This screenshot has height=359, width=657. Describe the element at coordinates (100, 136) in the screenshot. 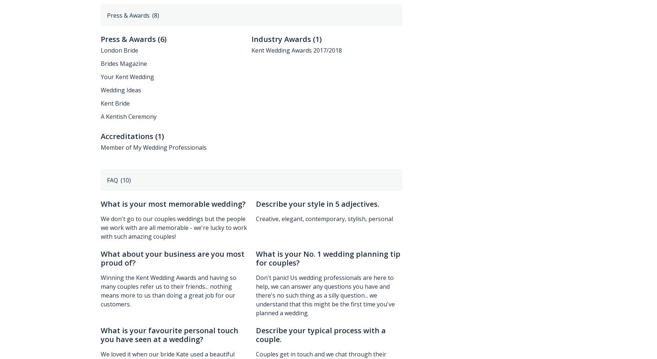

I see `'Accreditations'` at that location.